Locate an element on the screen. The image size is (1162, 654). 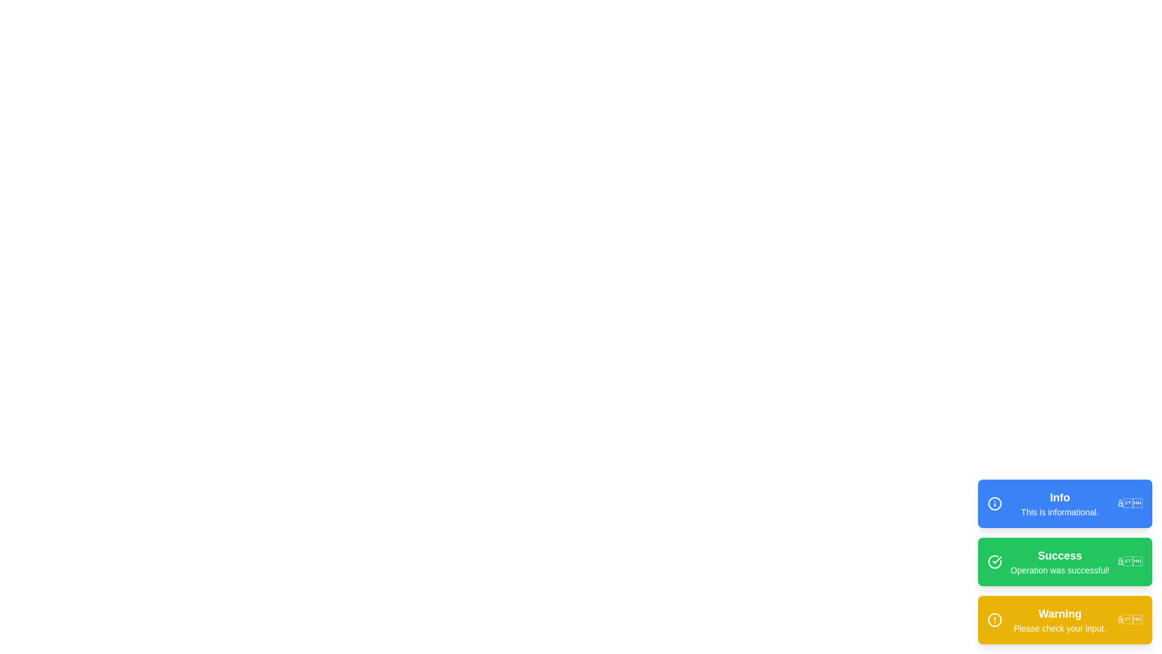
the success confirmation icon located within the green notification card labeled 'Success: Operation was successful!' is located at coordinates (997, 560).